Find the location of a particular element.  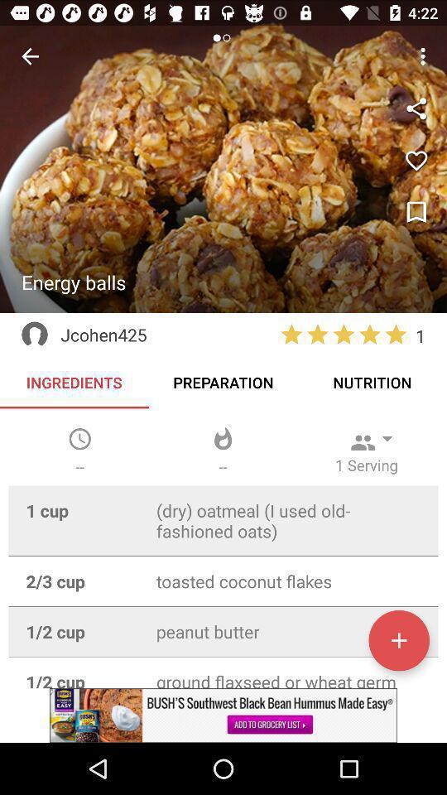

the advertisement is located at coordinates (223, 715).